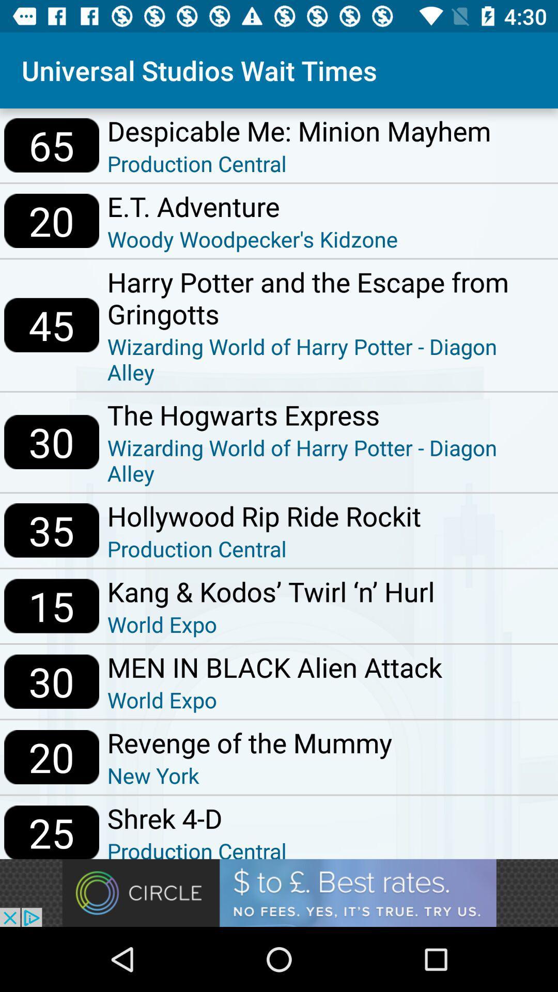 This screenshot has height=992, width=558. Describe the element at coordinates (270, 591) in the screenshot. I see `kang kodos twirl` at that location.